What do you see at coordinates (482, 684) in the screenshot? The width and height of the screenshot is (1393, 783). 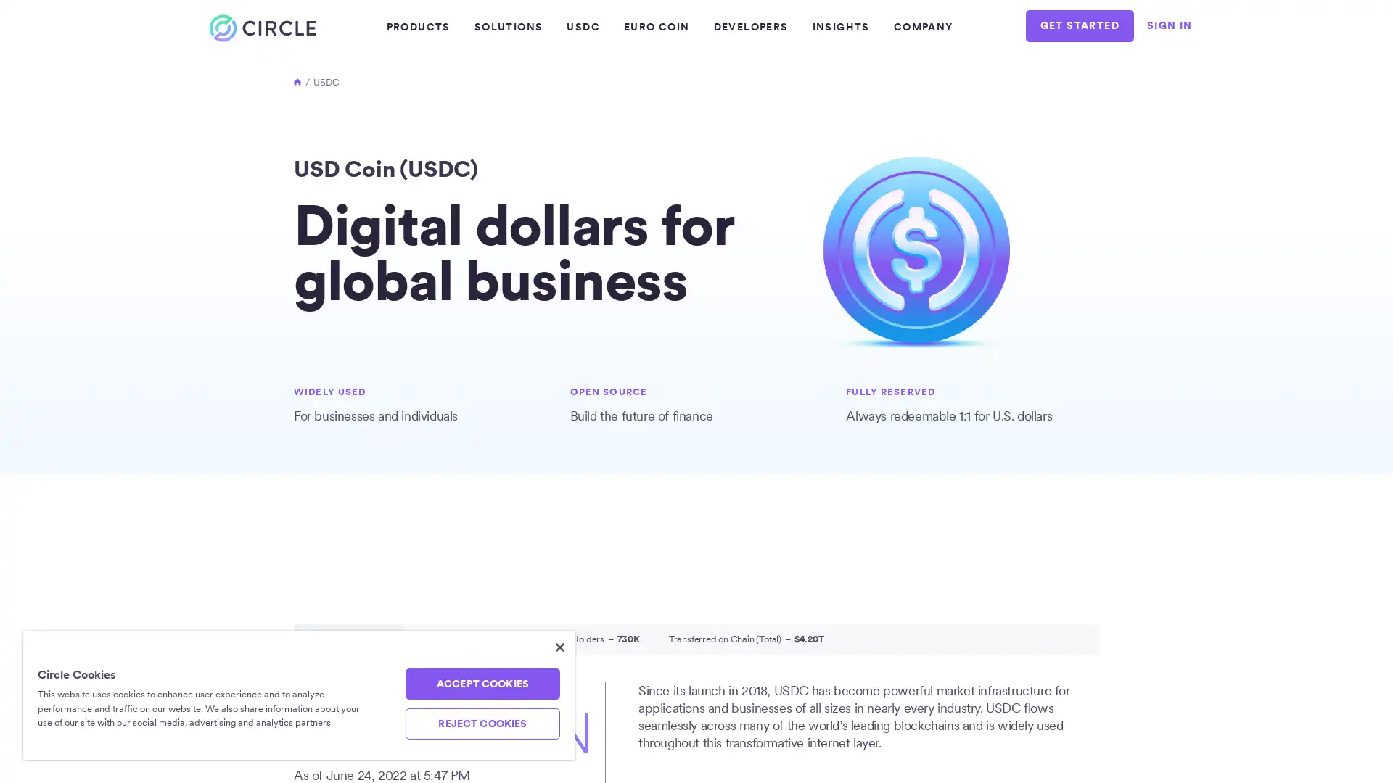 I see `ACCEPT COOKIES` at bounding box center [482, 684].